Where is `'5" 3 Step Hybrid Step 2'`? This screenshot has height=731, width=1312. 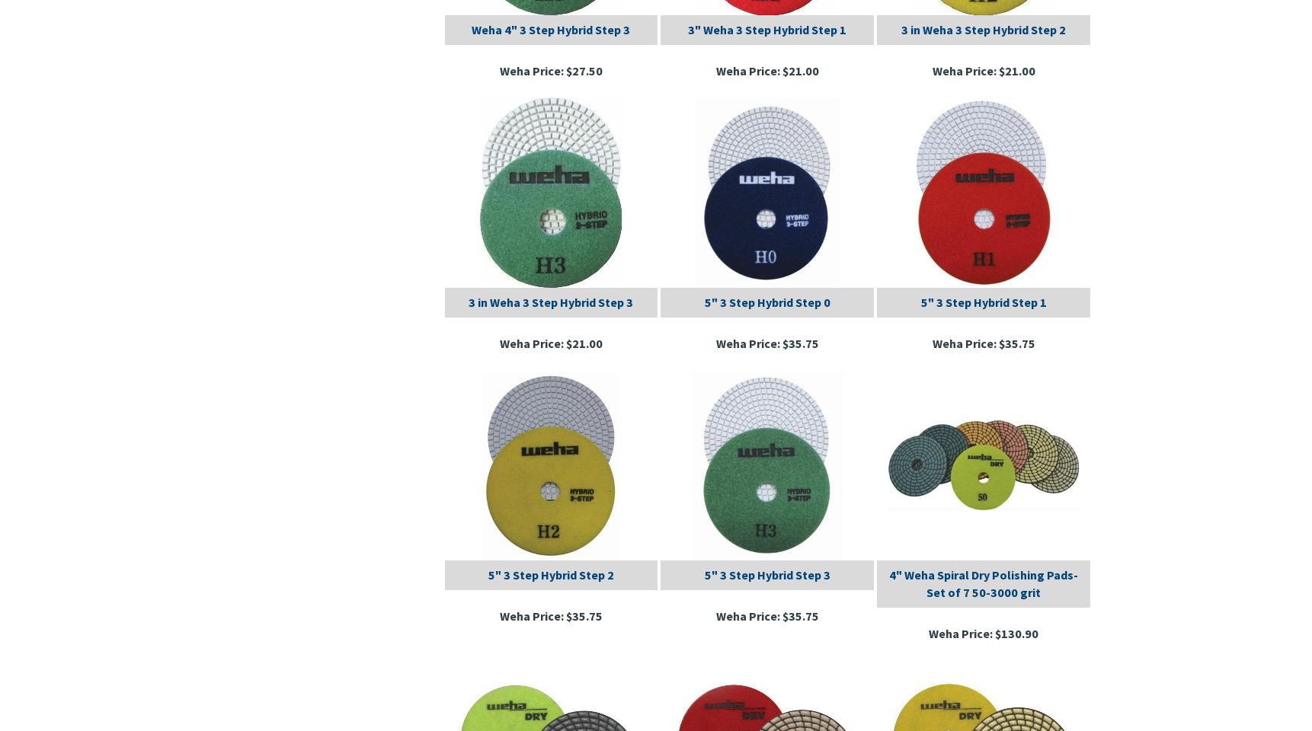
'5" 3 Step Hybrid Step 2' is located at coordinates (488, 573).